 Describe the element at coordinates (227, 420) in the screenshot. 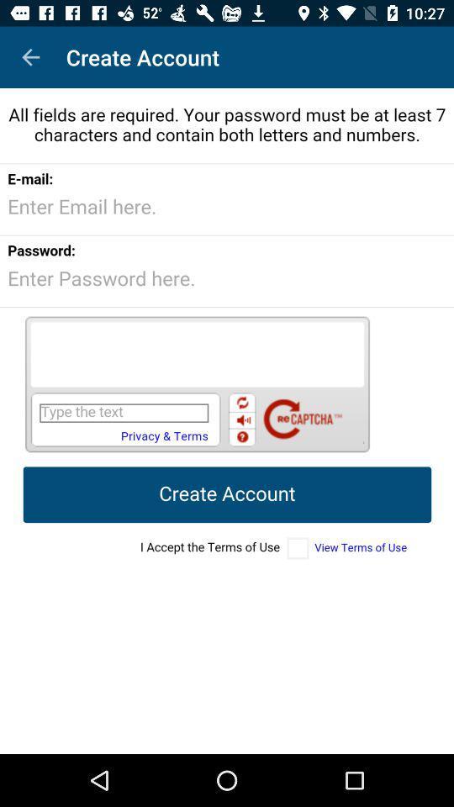

I see `account section` at that location.